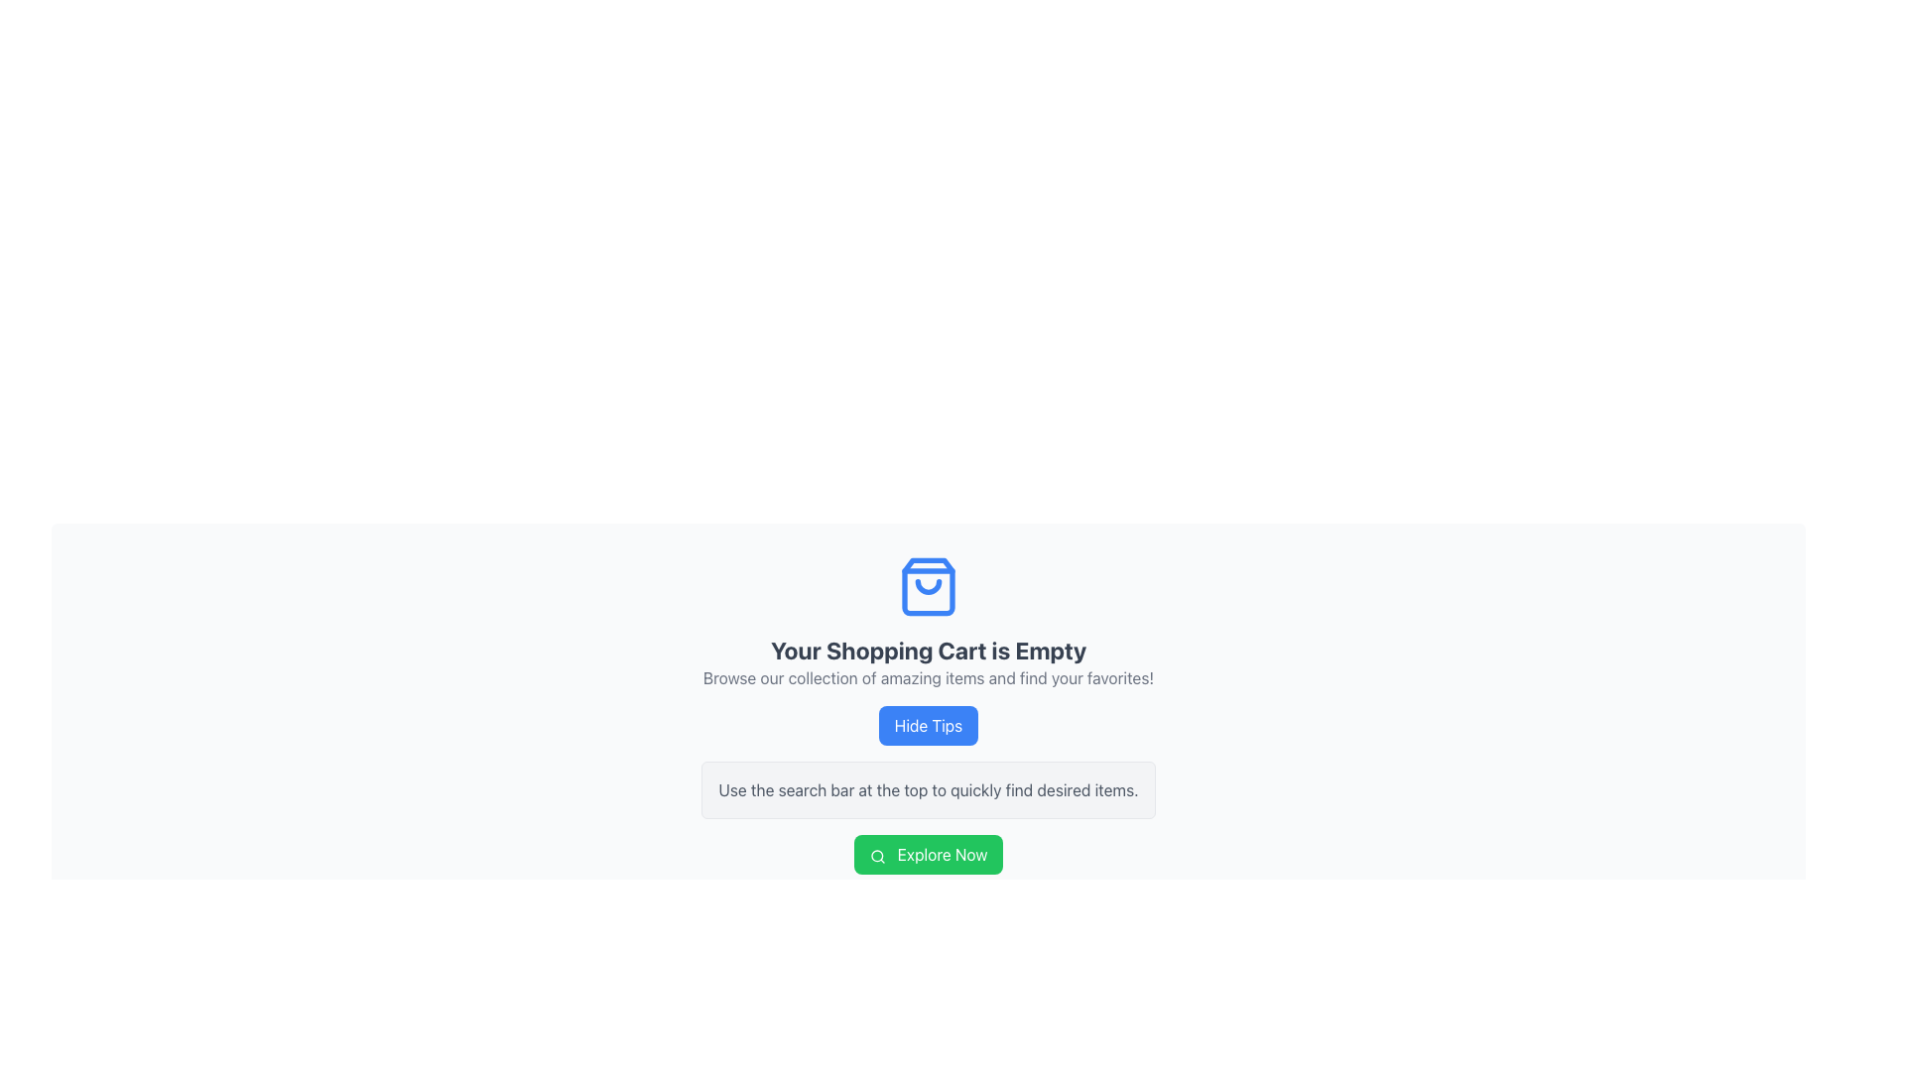 This screenshot has height=1071, width=1905. I want to click on the prominently displayed text label that reads 'Your Shopping Cart is Empty', which is styled in a bold font and centered within a light gray rectangular background, so click(928, 650).